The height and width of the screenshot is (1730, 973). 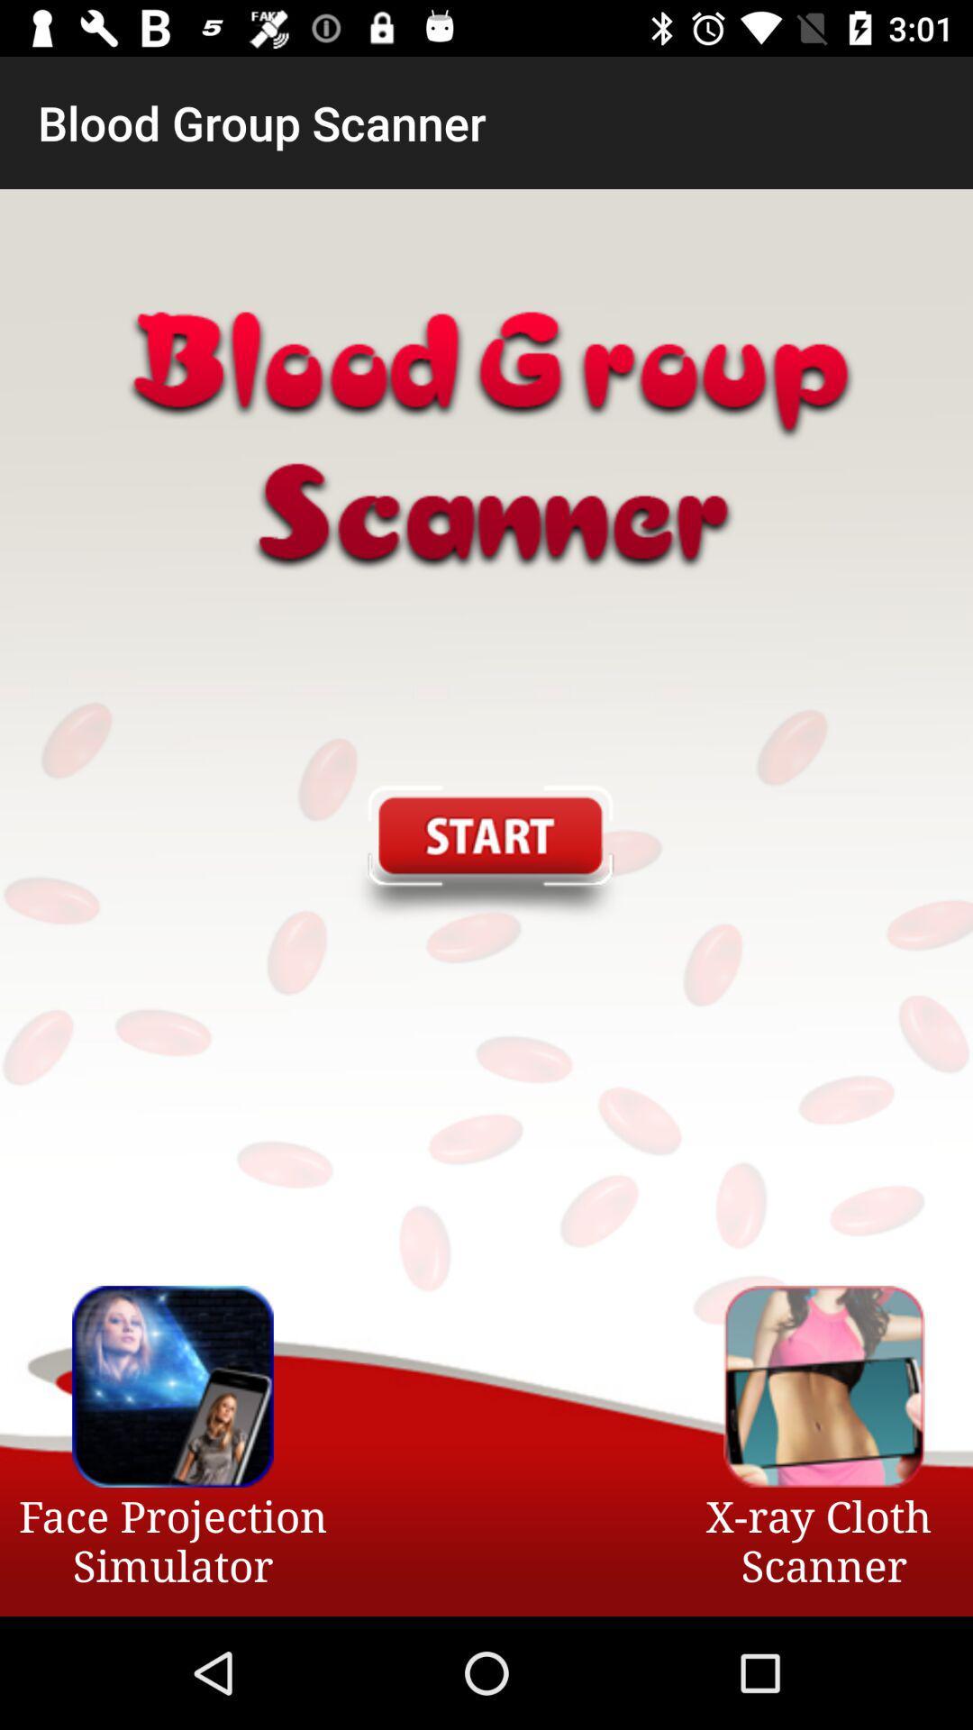 What do you see at coordinates (485, 854) in the screenshot?
I see `app above face projection` at bounding box center [485, 854].